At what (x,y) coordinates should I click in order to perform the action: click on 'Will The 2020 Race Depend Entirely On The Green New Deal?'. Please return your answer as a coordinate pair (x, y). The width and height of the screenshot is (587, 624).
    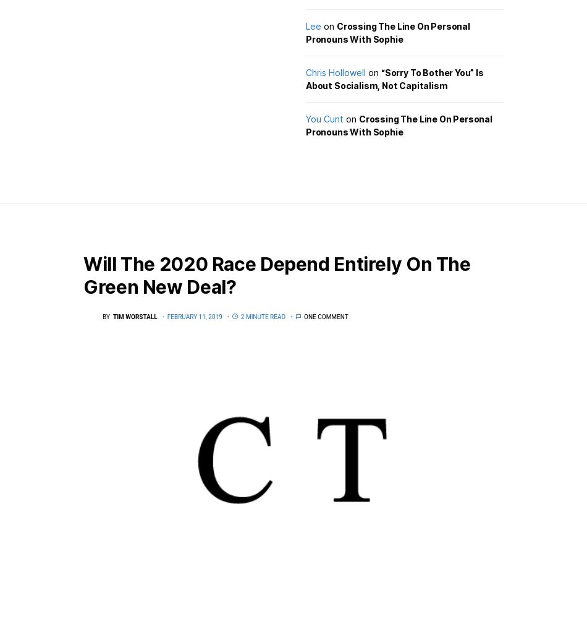
    Looking at the image, I should click on (276, 274).